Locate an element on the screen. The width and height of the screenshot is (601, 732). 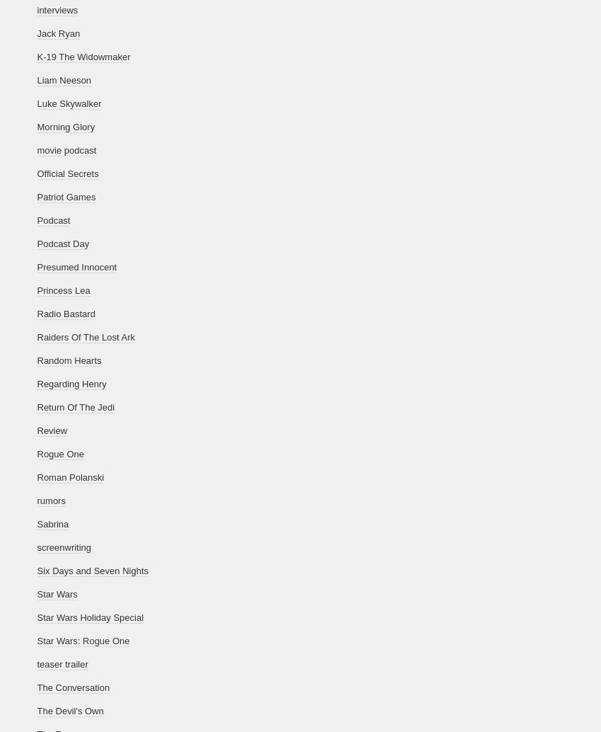
'Roman Polanski' is located at coordinates (69, 477).